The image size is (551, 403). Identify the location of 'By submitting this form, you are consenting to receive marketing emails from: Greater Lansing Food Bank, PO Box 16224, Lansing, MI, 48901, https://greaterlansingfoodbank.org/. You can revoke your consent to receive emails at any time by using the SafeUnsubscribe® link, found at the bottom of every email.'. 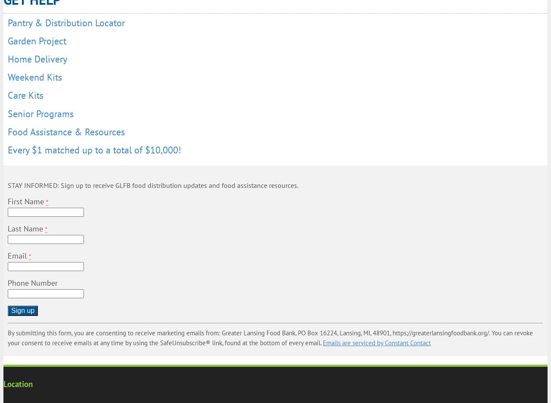
(269, 337).